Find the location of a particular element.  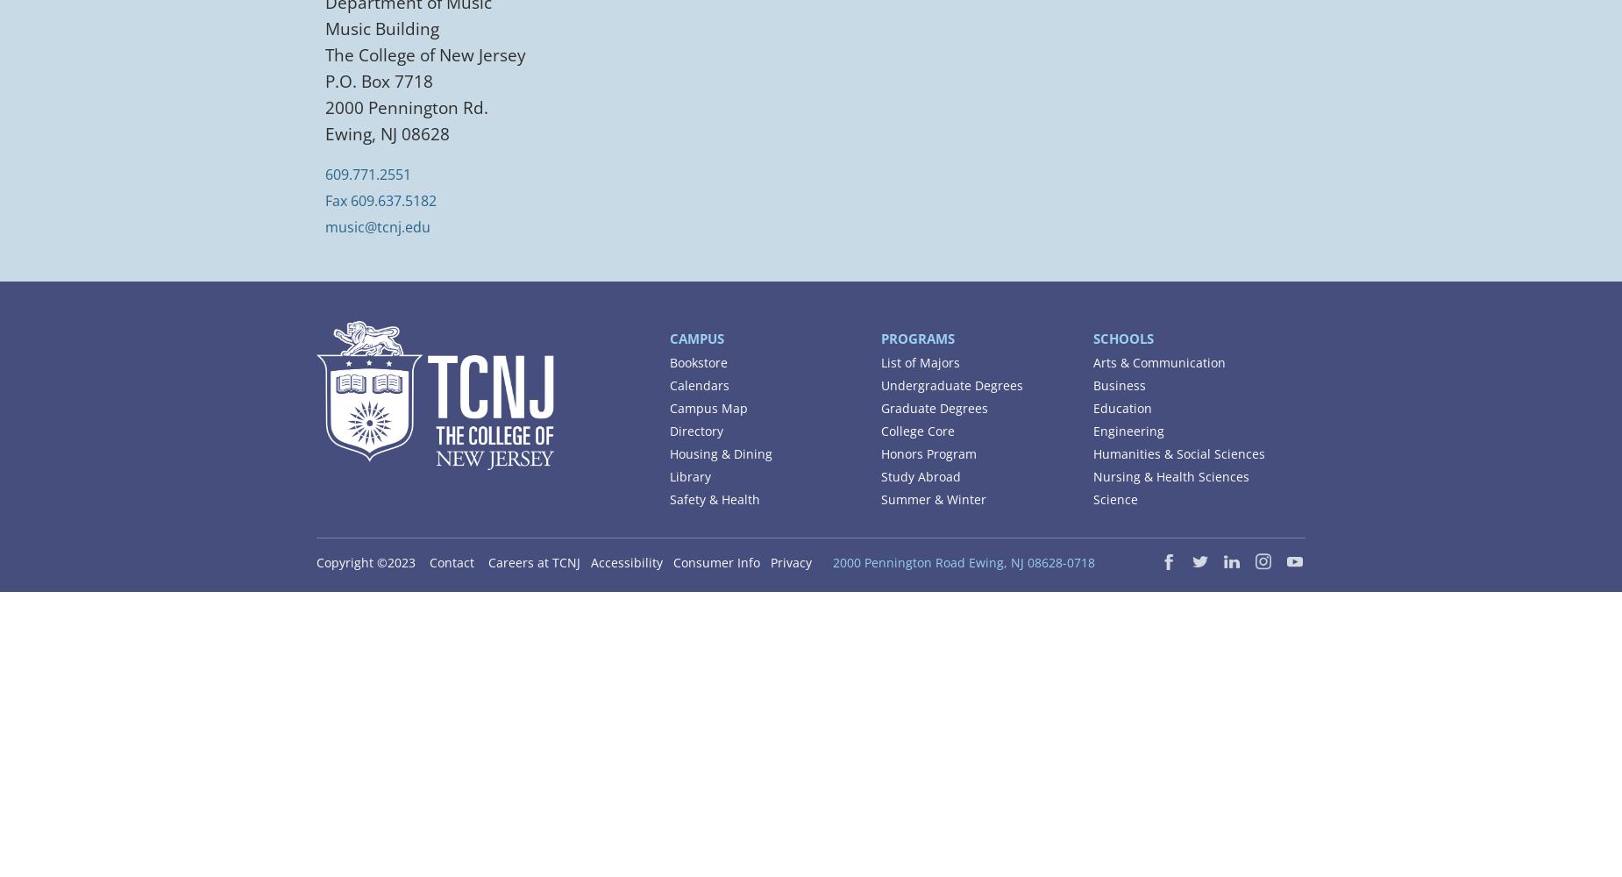

'music@tcnj.edu' is located at coordinates (377, 226).